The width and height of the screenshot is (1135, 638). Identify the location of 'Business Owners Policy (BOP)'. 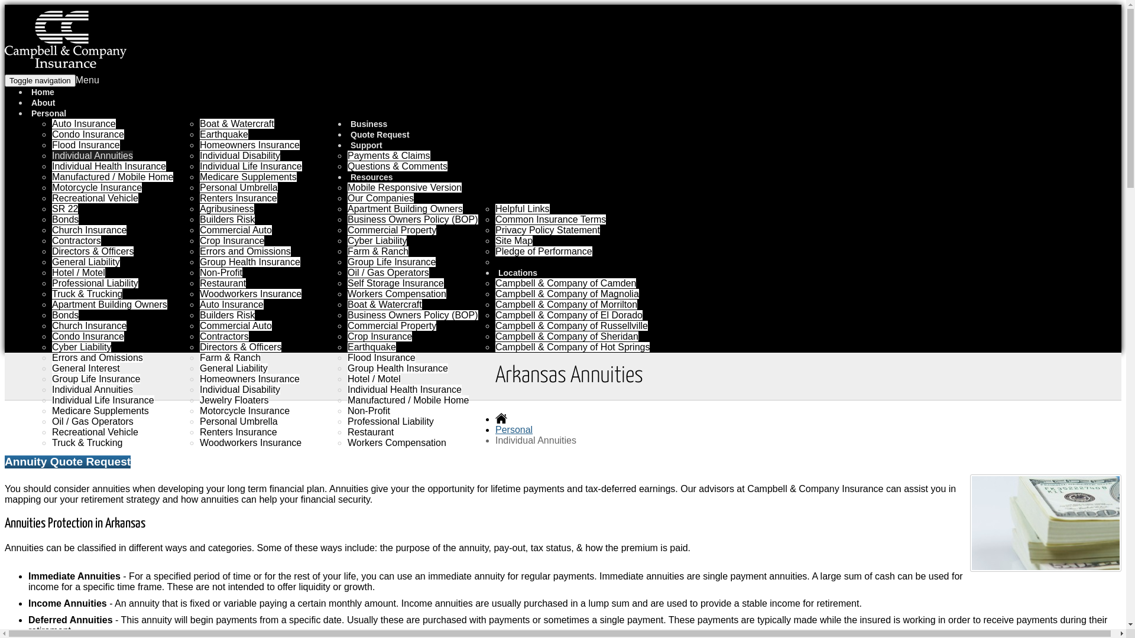
(413, 219).